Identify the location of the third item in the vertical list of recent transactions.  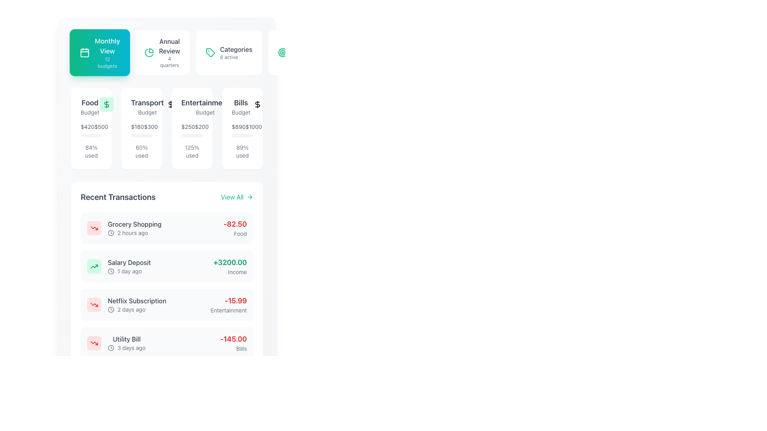
(166, 304).